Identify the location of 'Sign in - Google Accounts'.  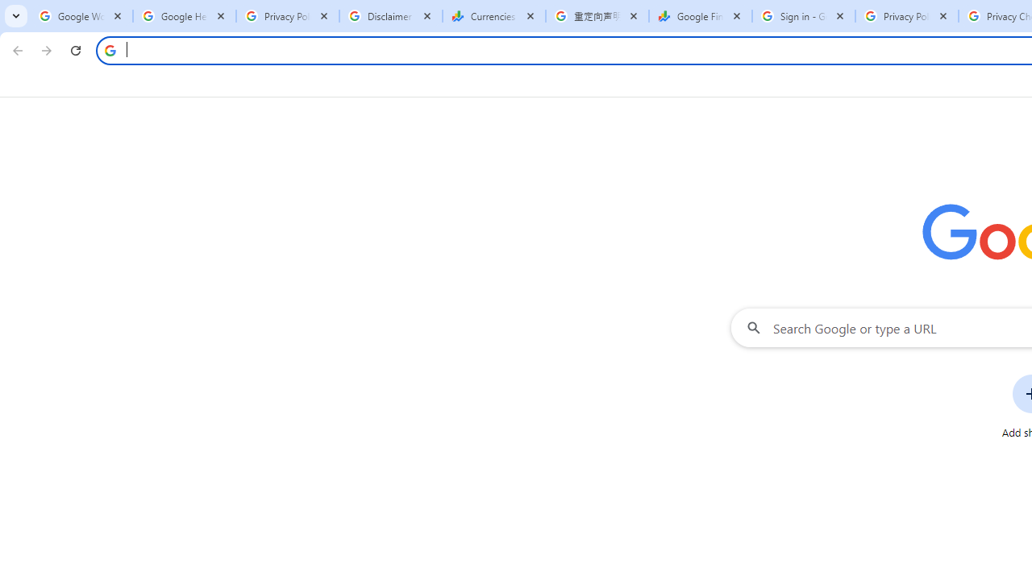
(804, 16).